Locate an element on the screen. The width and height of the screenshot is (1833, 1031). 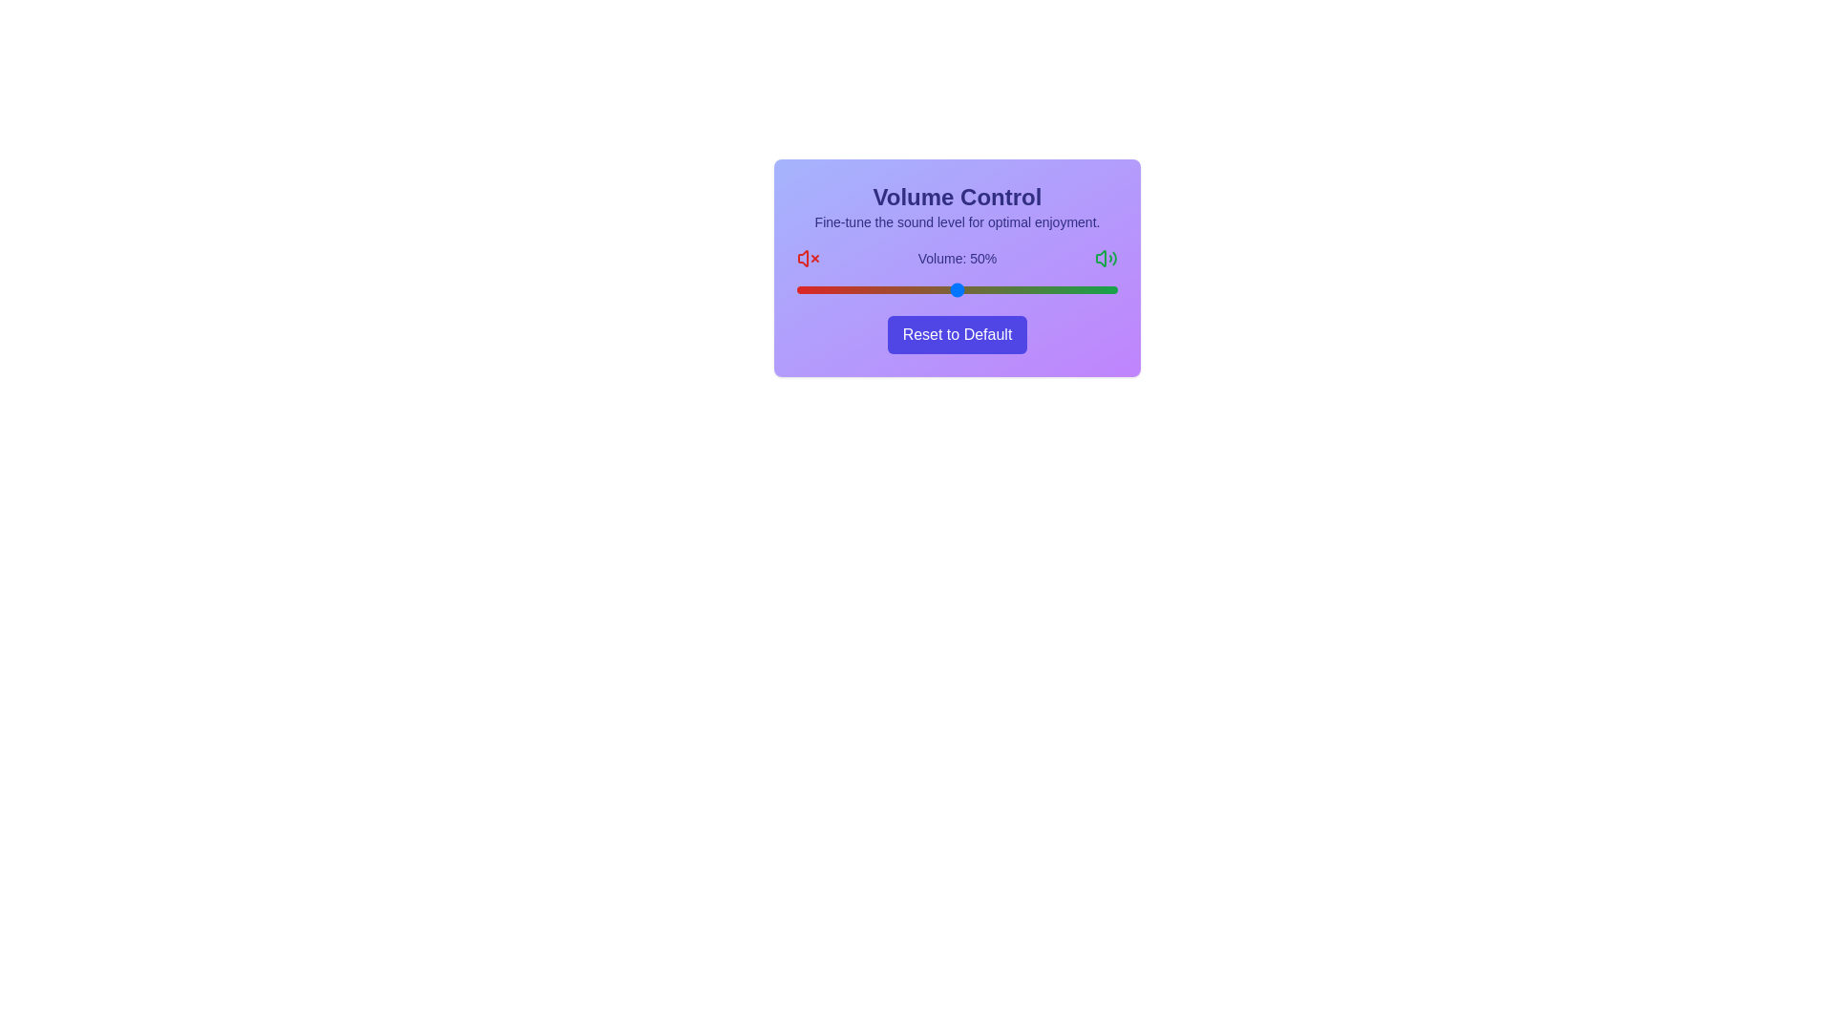
the volume slider to set the volume to 20% is located at coordinates (860, 290).